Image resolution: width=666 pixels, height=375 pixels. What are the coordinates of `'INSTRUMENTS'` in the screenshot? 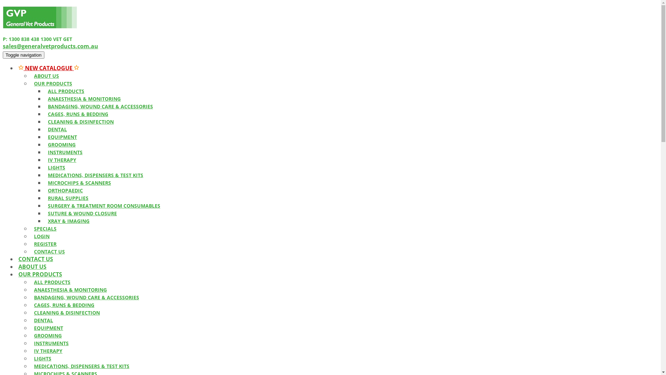 It's located at (51, 343).